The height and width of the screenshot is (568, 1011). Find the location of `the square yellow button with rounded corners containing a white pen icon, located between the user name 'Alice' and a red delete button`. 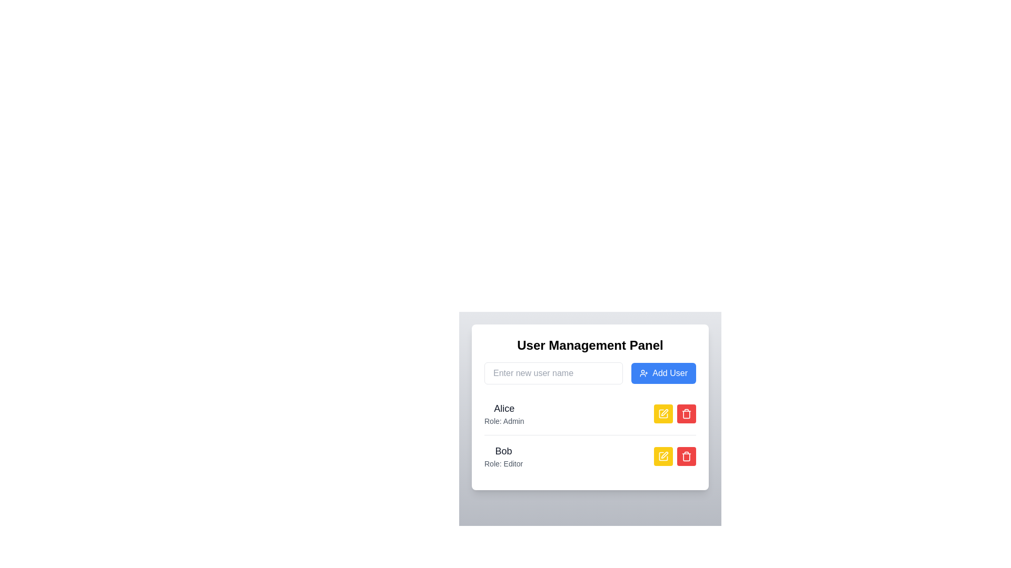

the square yellow button with rounded corners containing a white pen icon, located between the user name 'Alice' and a red delete button is located at coordinates (662, 413).